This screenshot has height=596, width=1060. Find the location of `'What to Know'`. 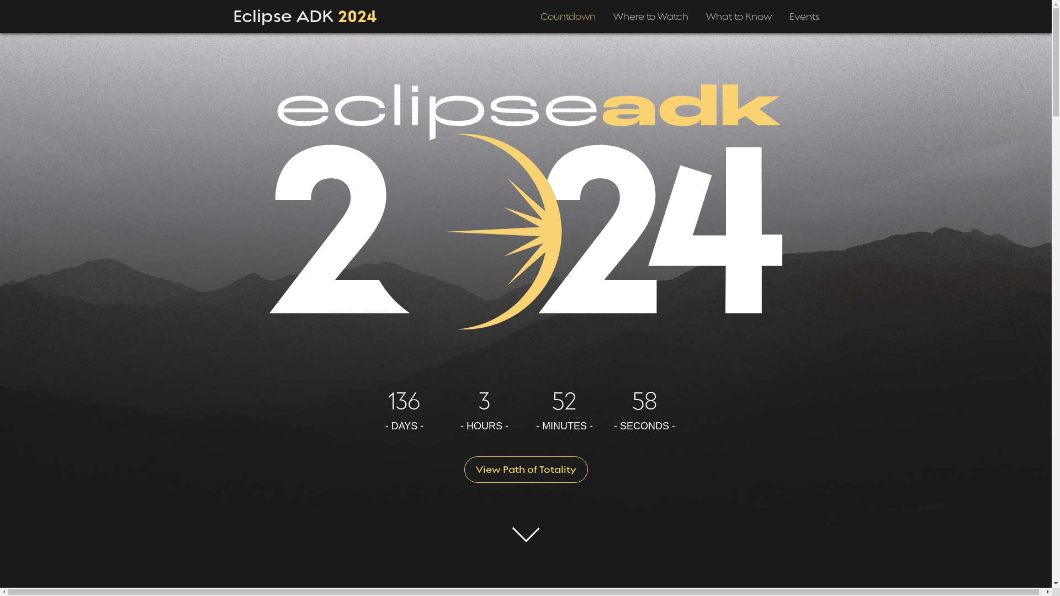

'What to Know' is located at coordinates (704, 12).